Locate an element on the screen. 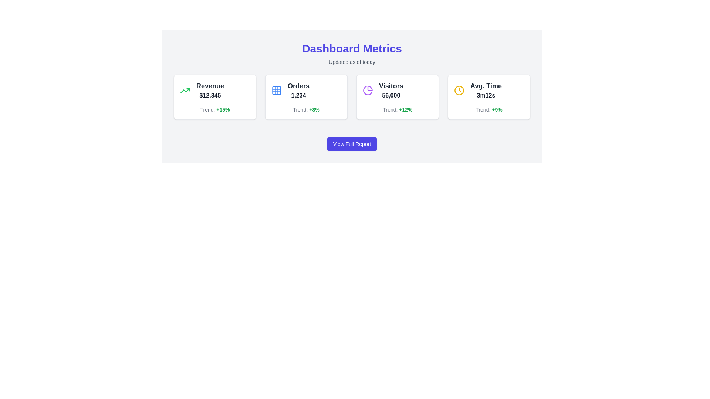 The width and height of the screenshot is (710, 399). the static text indicating a 9% positive change related to the 'Avg. Time' metric, located to the right of the 'Trend:' label in the fourth column of the dashboard's metrics section is located at coordinates (497, 110).